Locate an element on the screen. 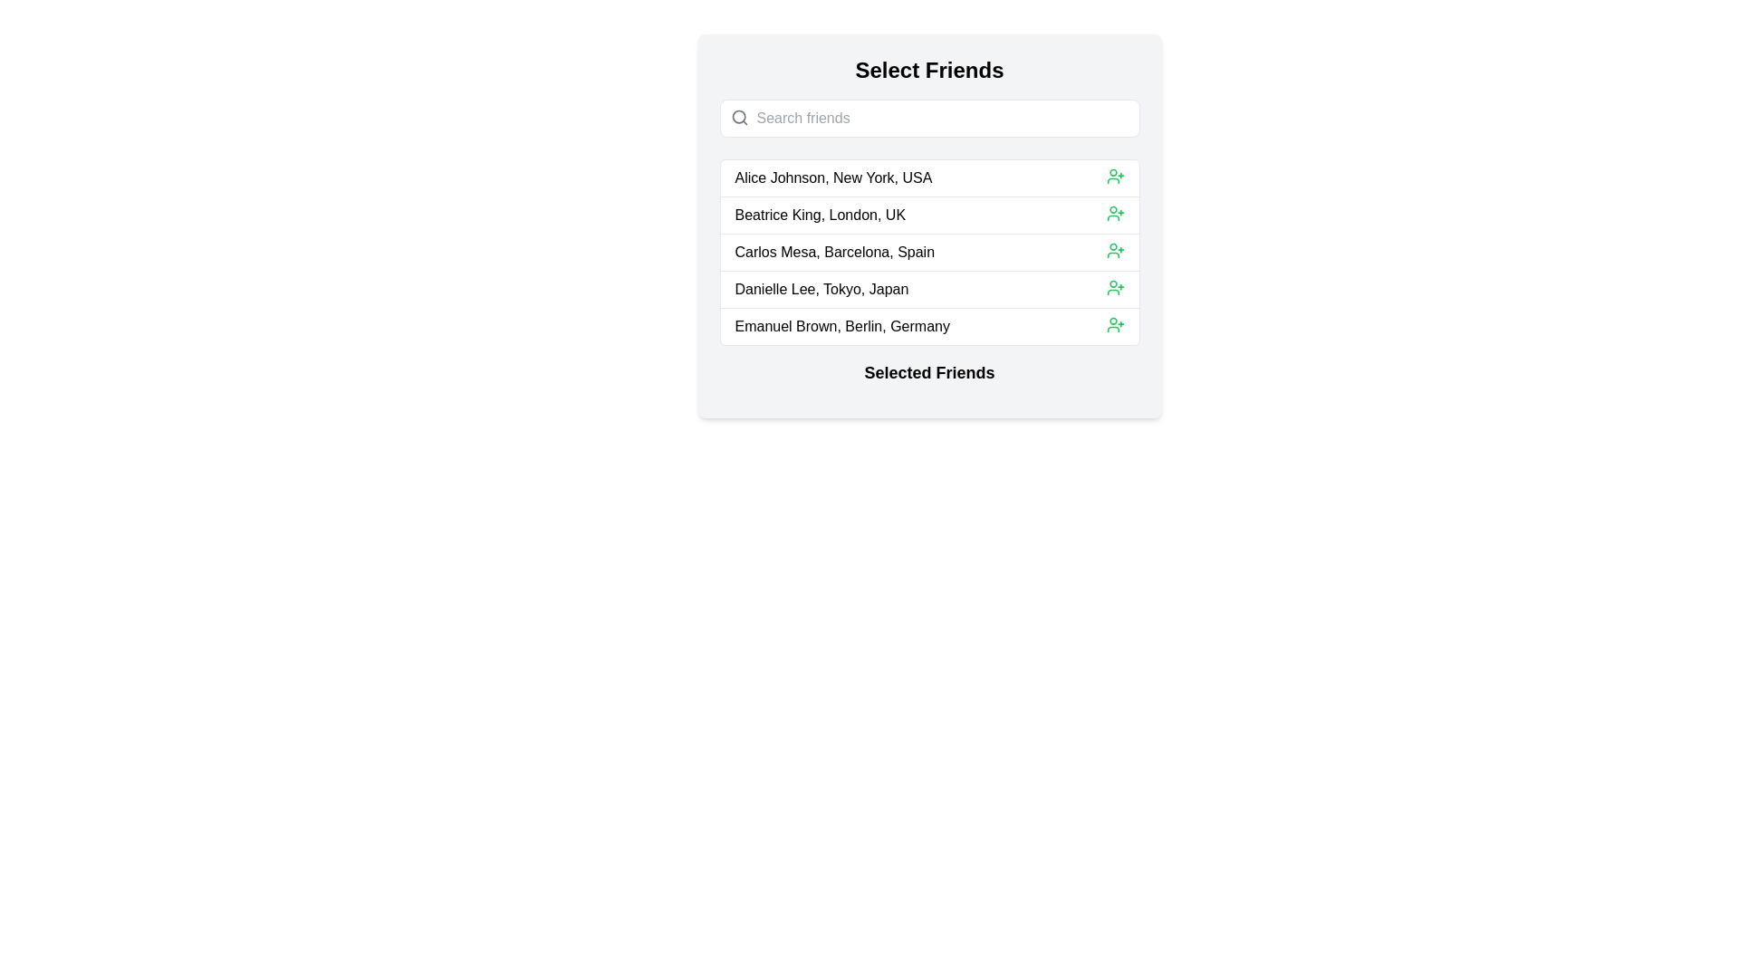  the first item in the list, which contains the text 'Alice Johnson, New York, USA', within the 'Select Friends' panel is located at coordinates (832, 177).